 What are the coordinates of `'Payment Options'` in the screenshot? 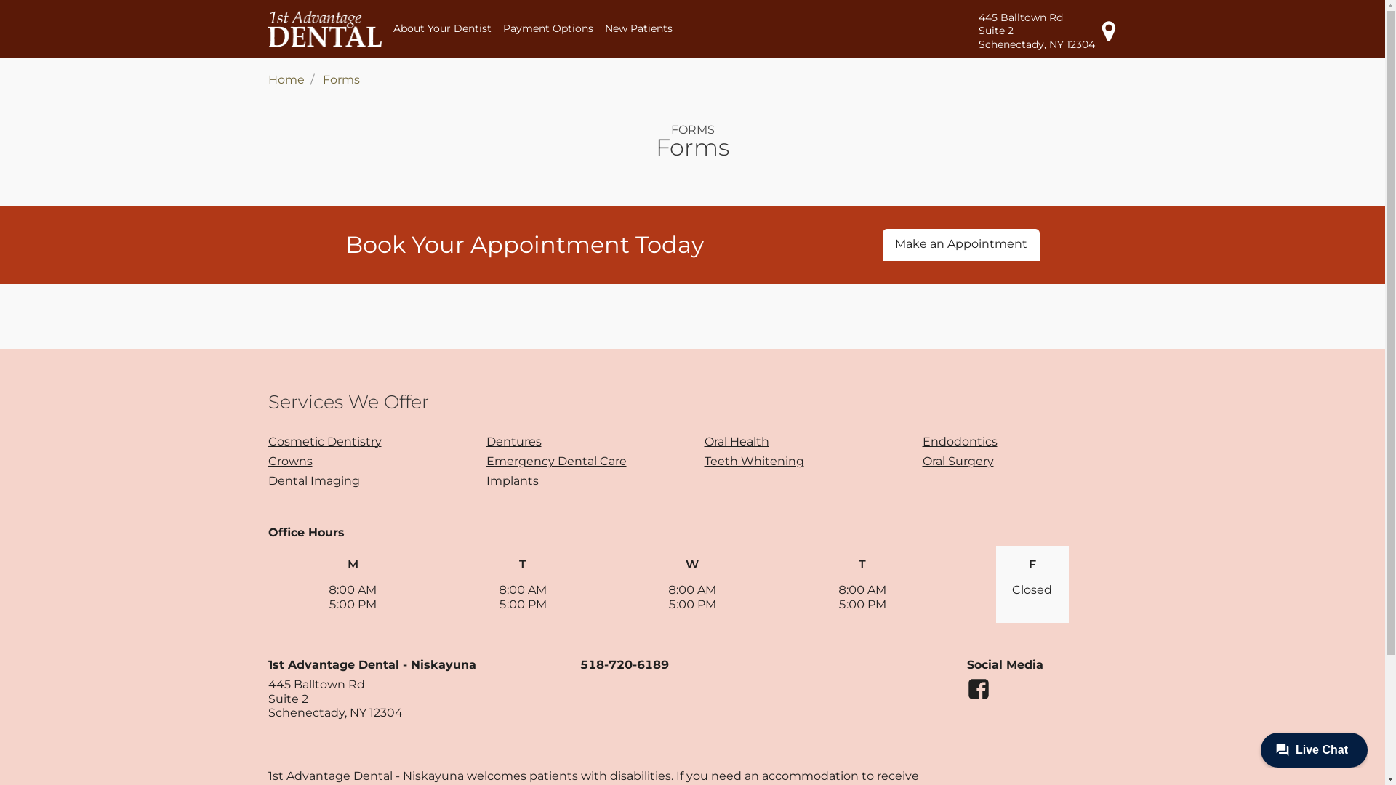 It's located at (547, 28).